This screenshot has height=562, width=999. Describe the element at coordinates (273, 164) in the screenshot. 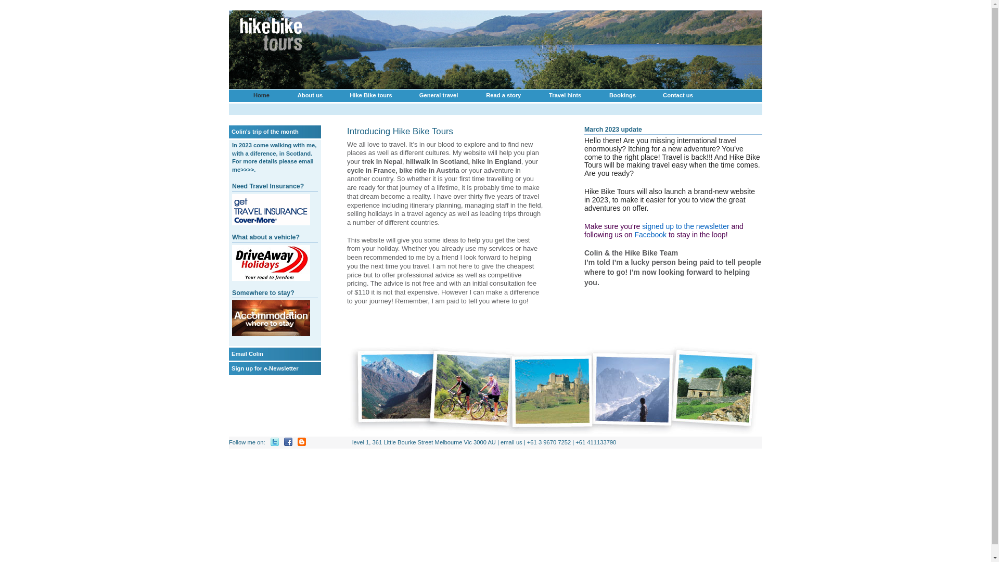

I see `'email me'` at that location.